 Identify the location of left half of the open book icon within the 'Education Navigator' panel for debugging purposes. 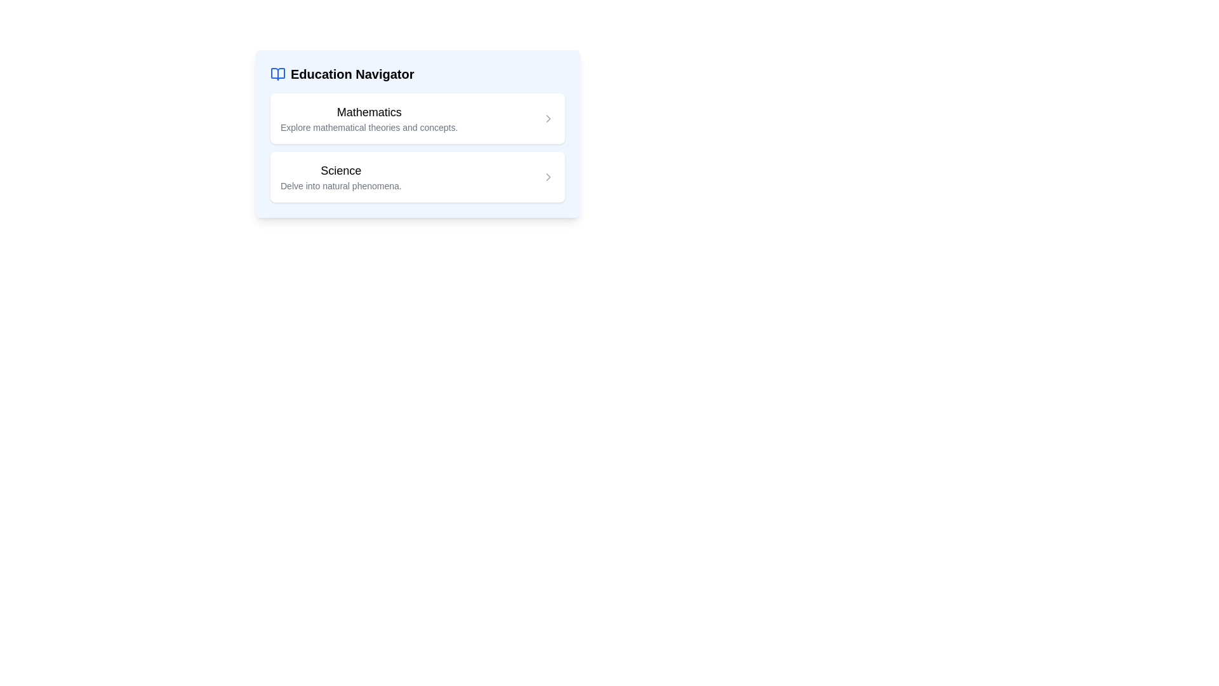
(277, 74).